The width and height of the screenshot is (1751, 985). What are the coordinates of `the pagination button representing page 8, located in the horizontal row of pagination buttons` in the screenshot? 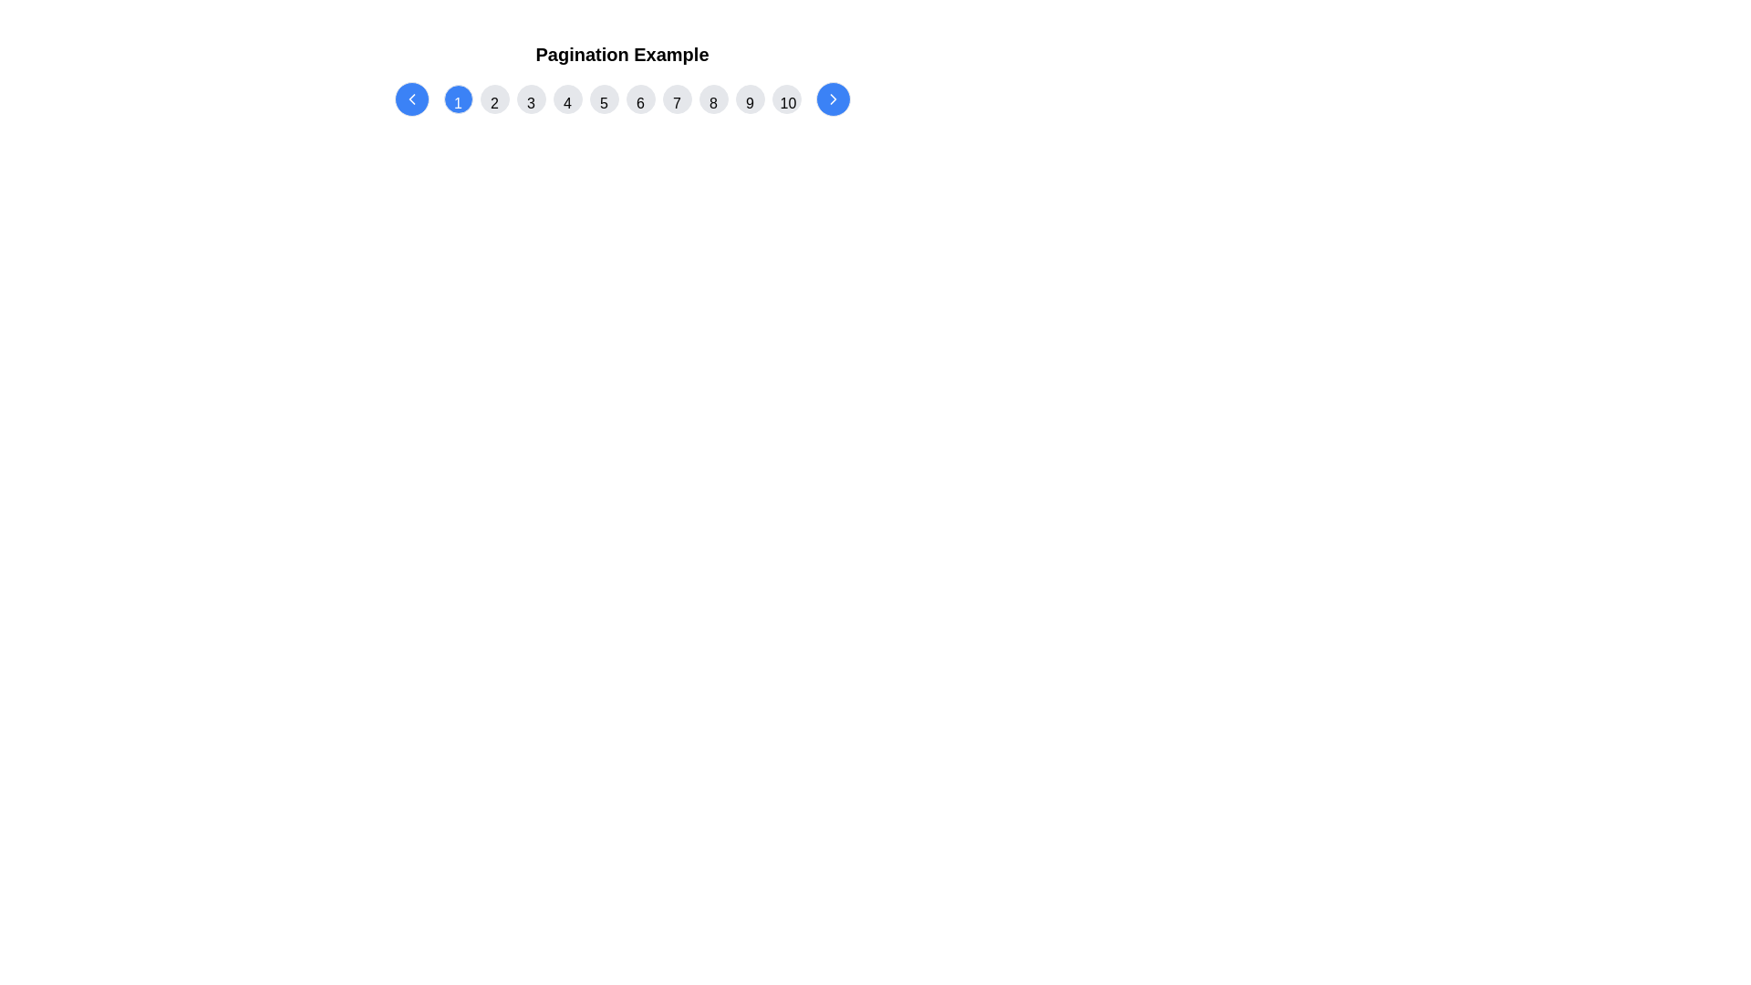 It's located at (712, 98).